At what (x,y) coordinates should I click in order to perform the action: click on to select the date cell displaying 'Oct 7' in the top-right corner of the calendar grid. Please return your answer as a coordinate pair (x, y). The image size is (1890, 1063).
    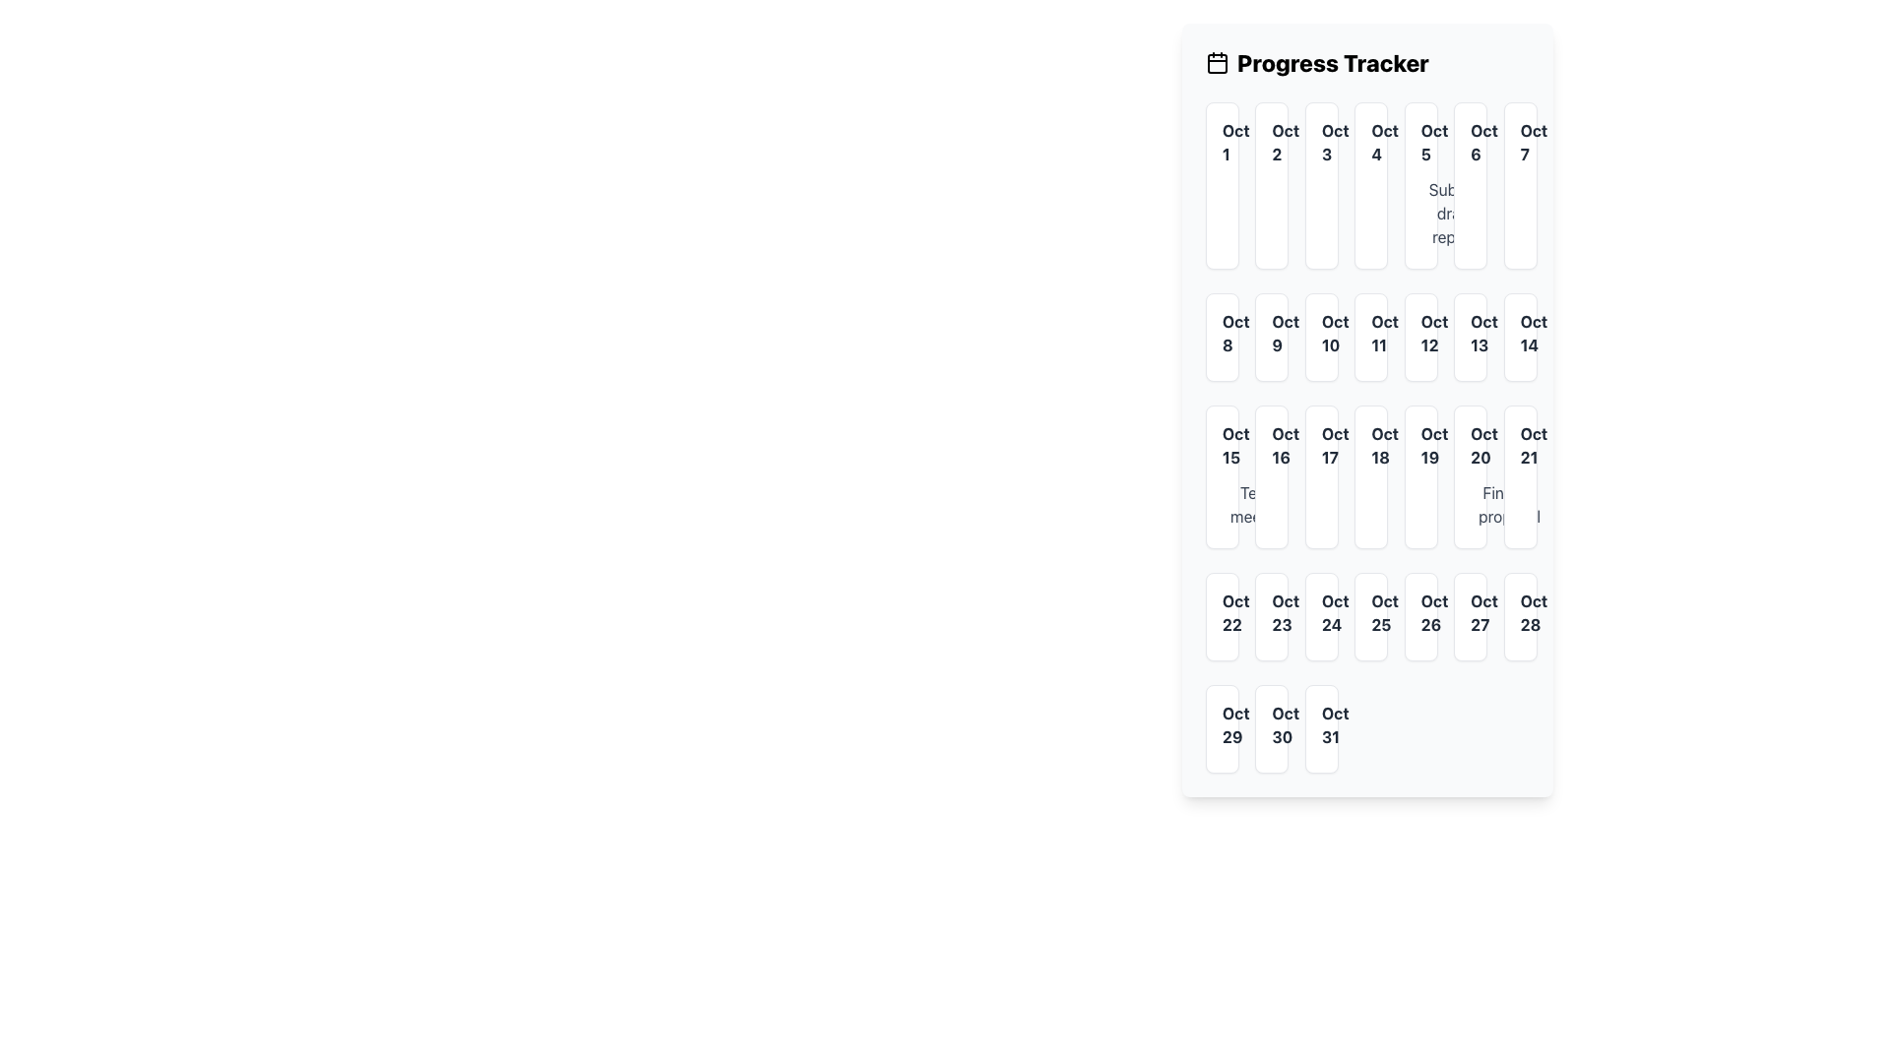
    Looking at the image, I should click on (1519, 186).